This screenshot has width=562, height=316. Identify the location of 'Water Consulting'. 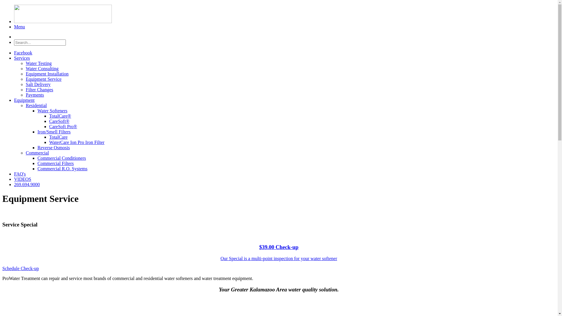
(42, 68).